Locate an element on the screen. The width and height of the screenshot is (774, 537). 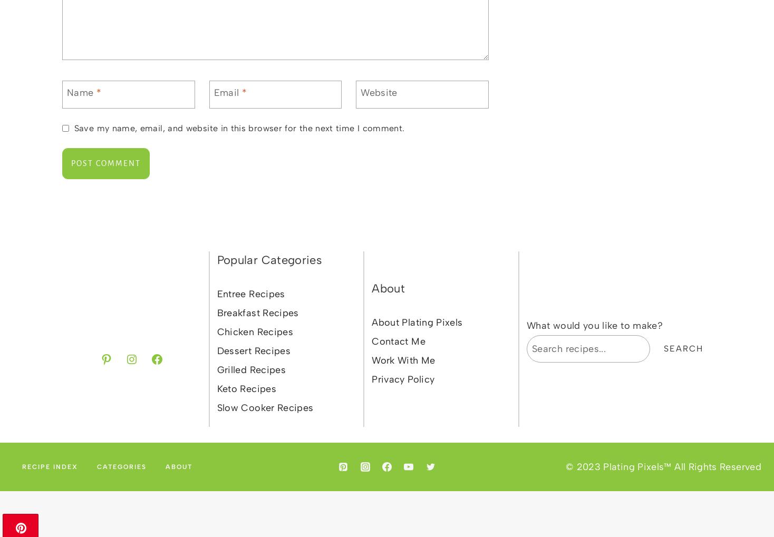
'Slow Cooker Recipes' is located at coordinates (264, 407).